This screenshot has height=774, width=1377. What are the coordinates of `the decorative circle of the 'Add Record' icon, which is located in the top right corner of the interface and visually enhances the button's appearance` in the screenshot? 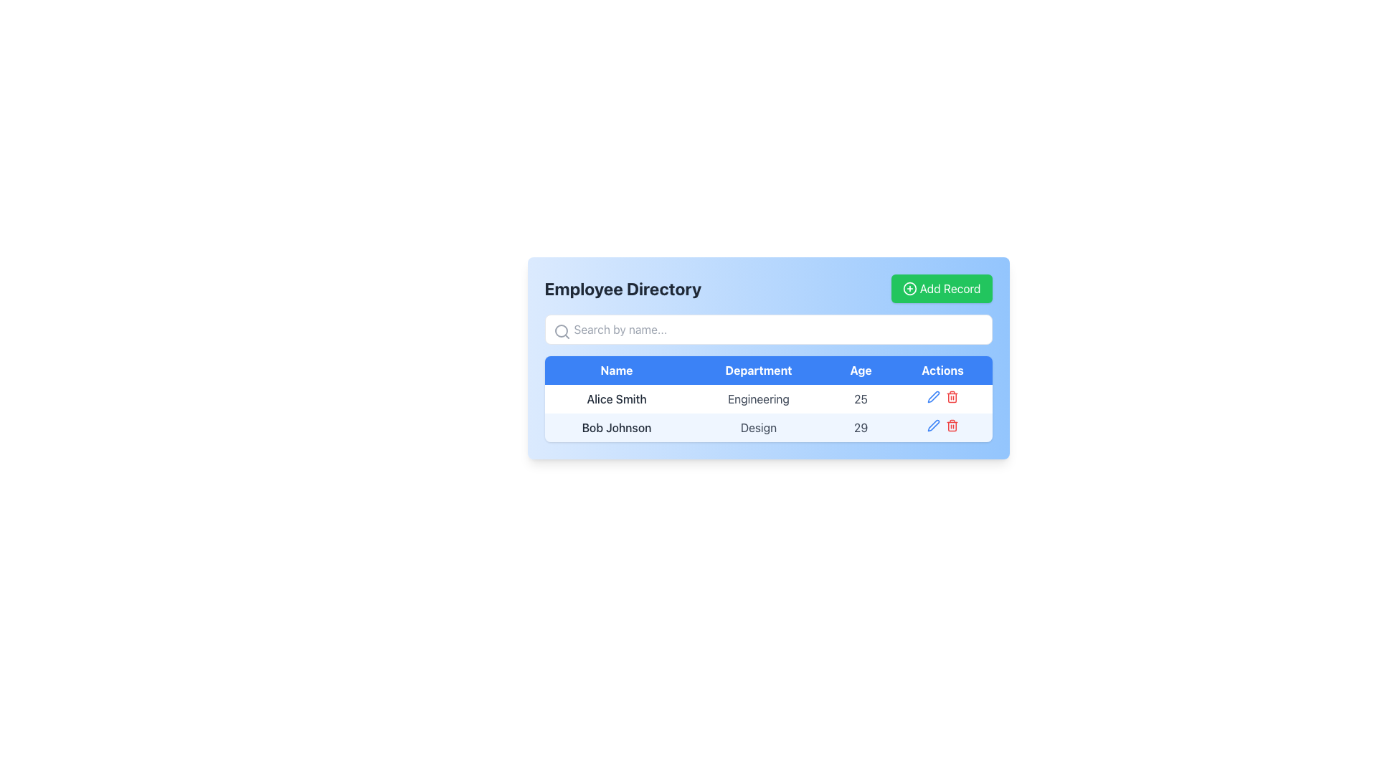 It's located at (909, 288).